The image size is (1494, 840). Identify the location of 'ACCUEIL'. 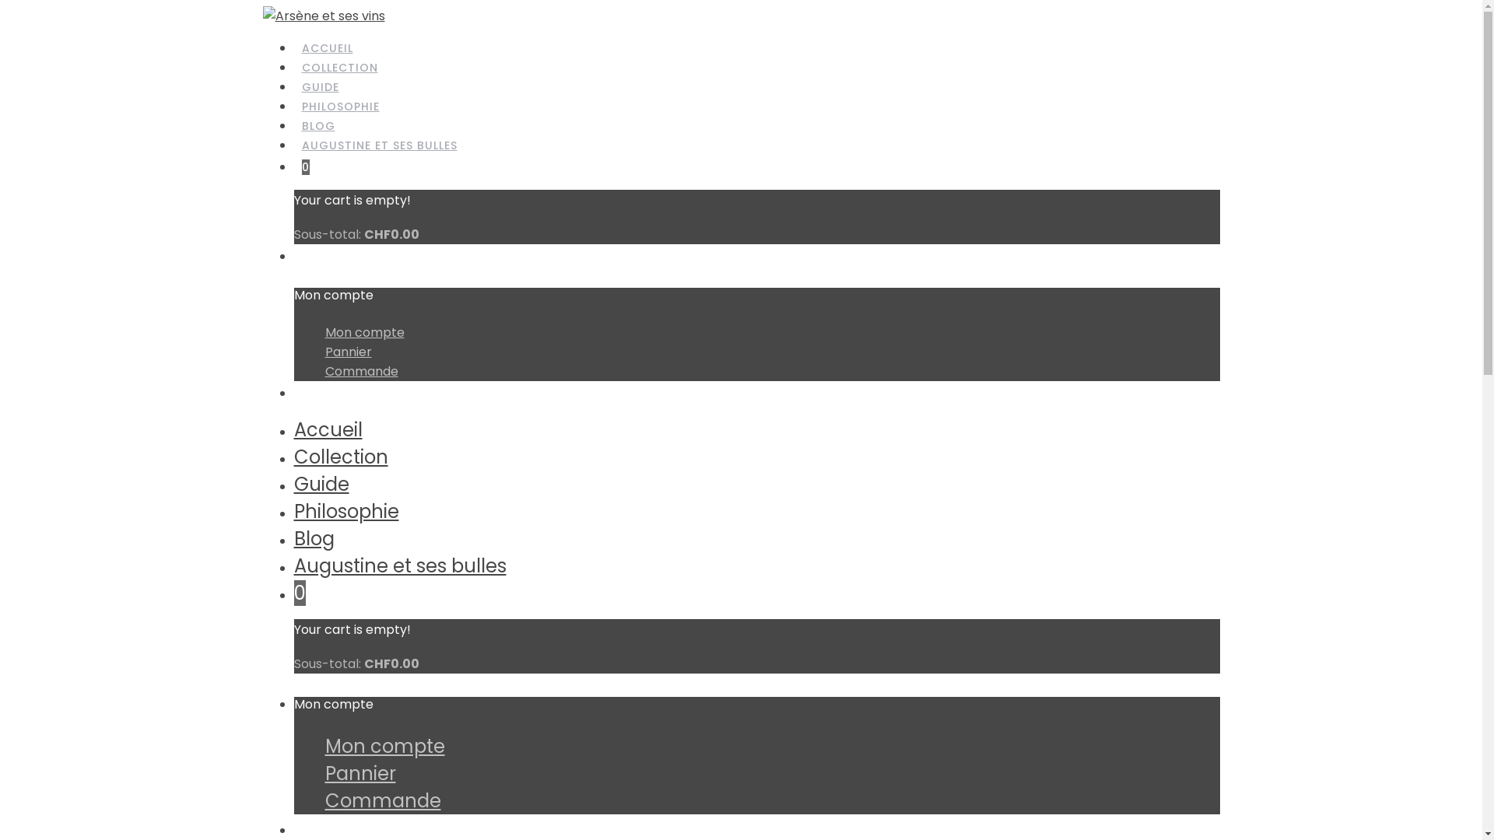
(327, 47).